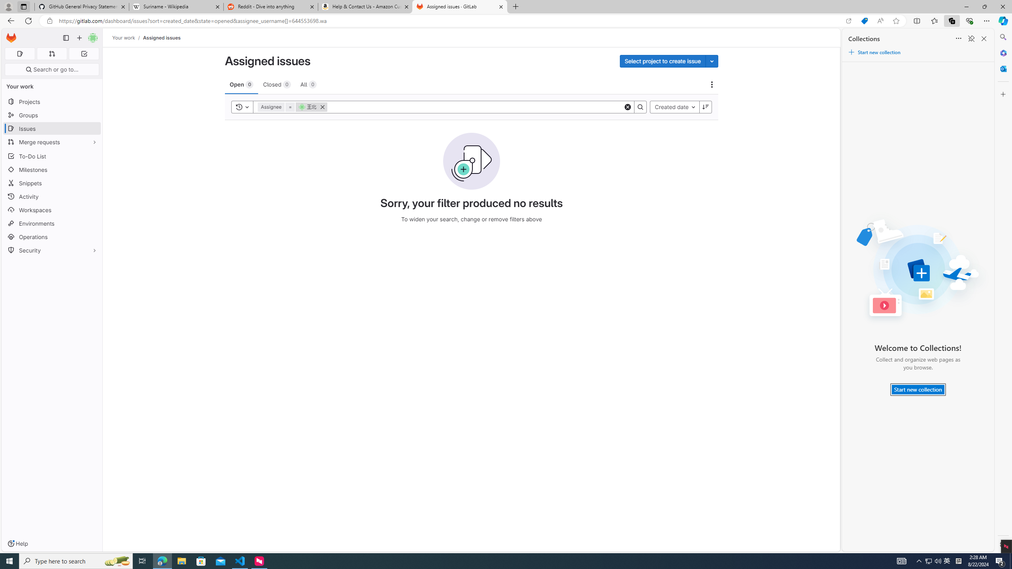 This screenshot has height=569, width=1012. I want to click on 'Issues', so click(51, 128).